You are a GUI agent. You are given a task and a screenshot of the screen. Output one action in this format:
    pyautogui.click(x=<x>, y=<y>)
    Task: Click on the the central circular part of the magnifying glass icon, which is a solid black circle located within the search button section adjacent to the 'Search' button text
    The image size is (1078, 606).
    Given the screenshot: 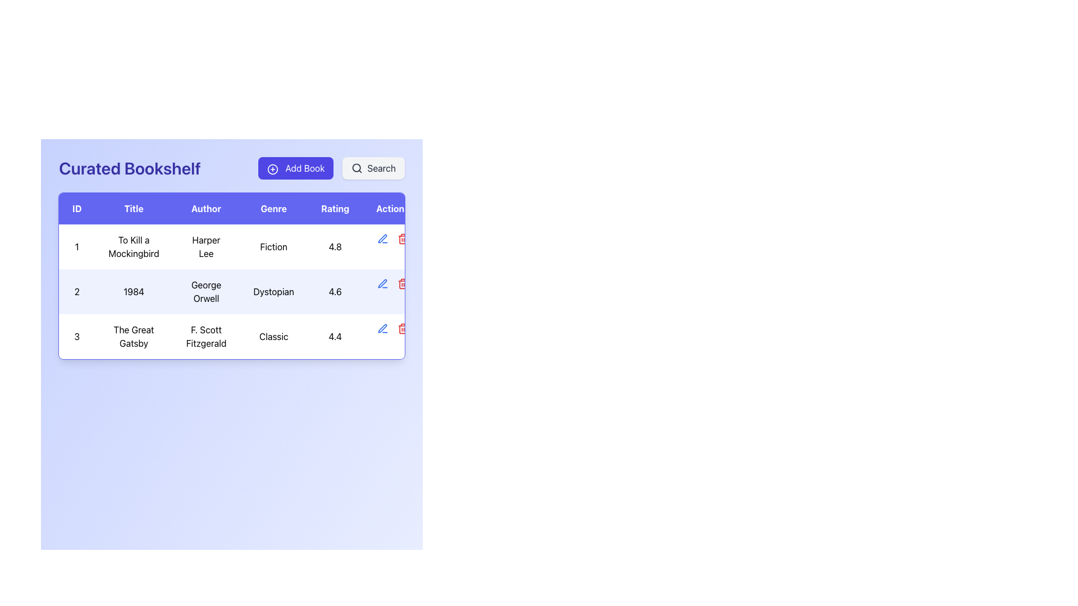 What is the action you would take?
    pyautogui.click(x=356, y=168)
    